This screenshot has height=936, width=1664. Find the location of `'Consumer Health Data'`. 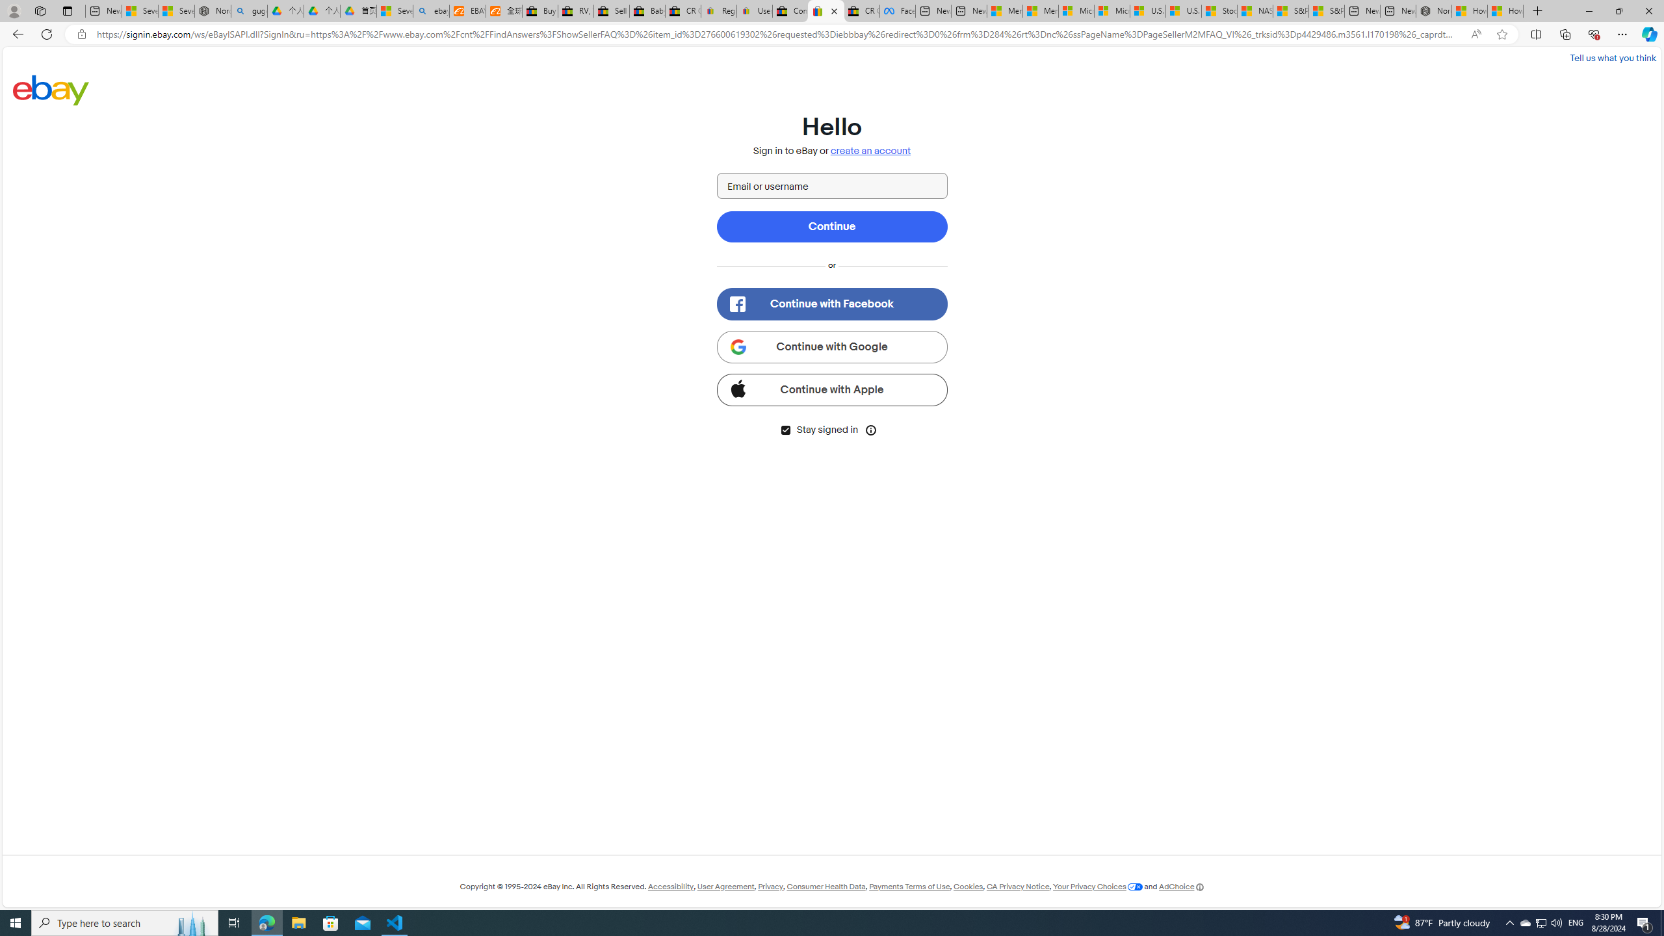

'Consumer Health Data' is located at coordinates (826, 886).